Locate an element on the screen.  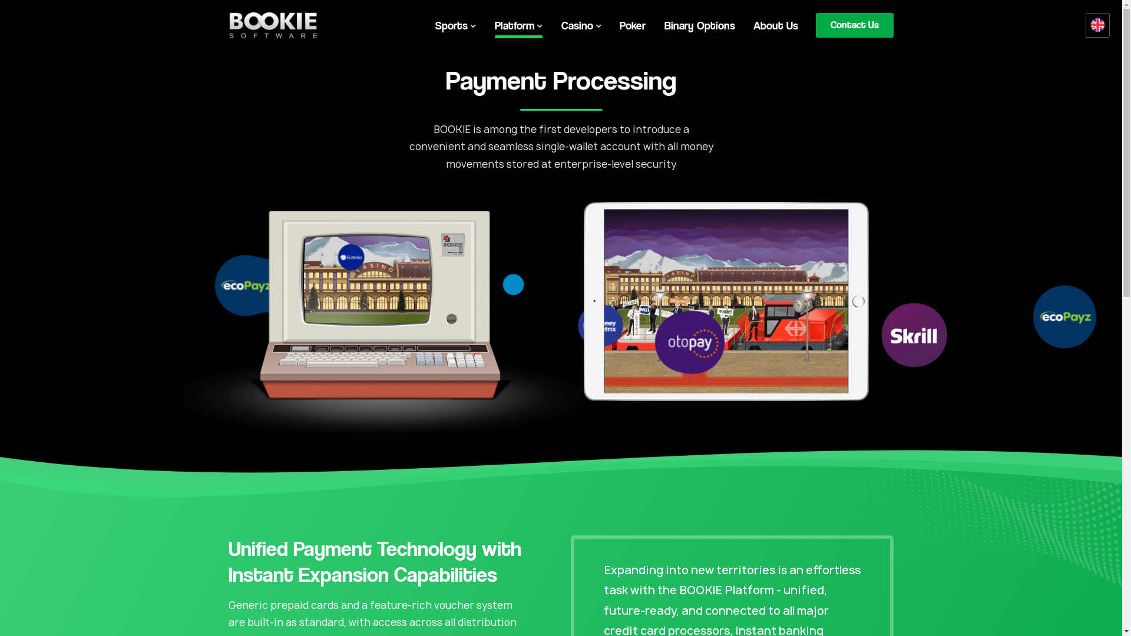
'Poker' is located at coordinates (554, 22).